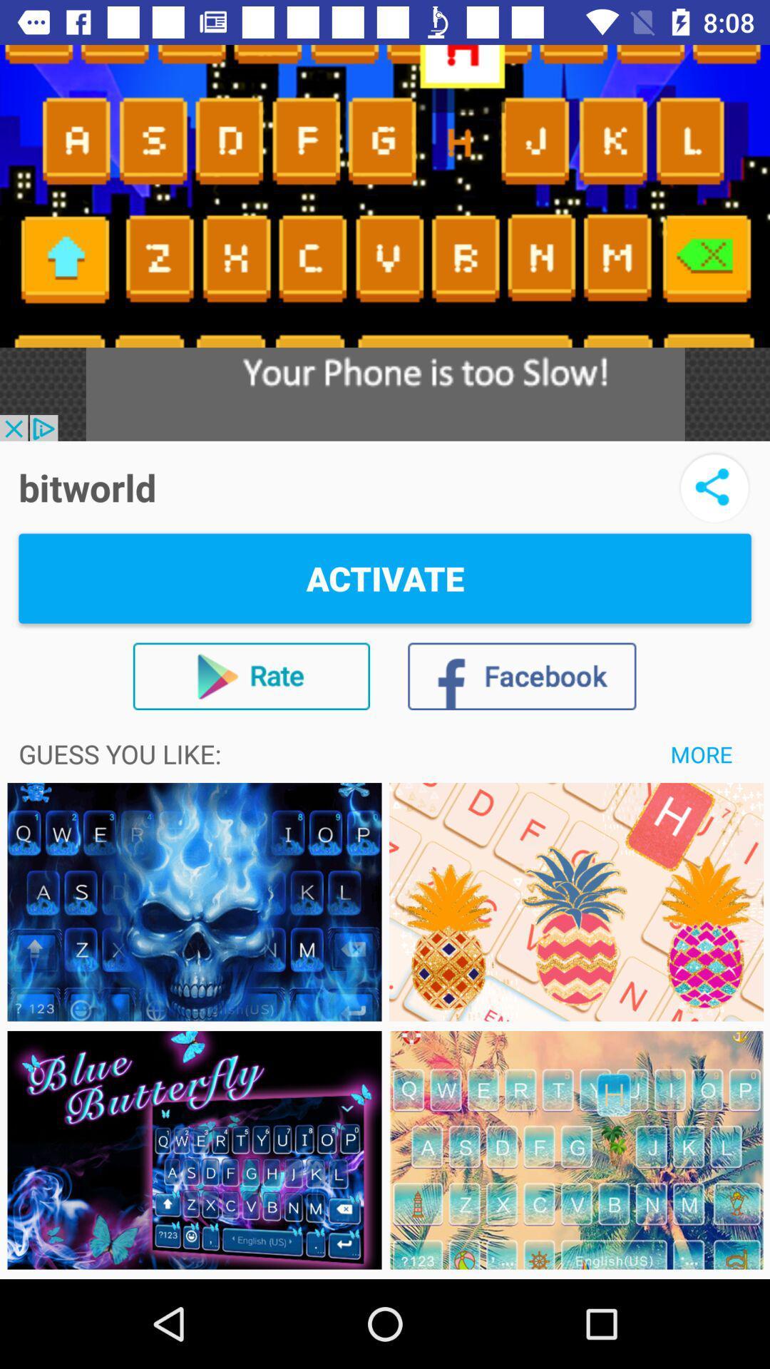 This screenshot has height=1369, width=770. Describe the element at coordinates (385, 578) in the screenshot. I see `the activate` at that location.